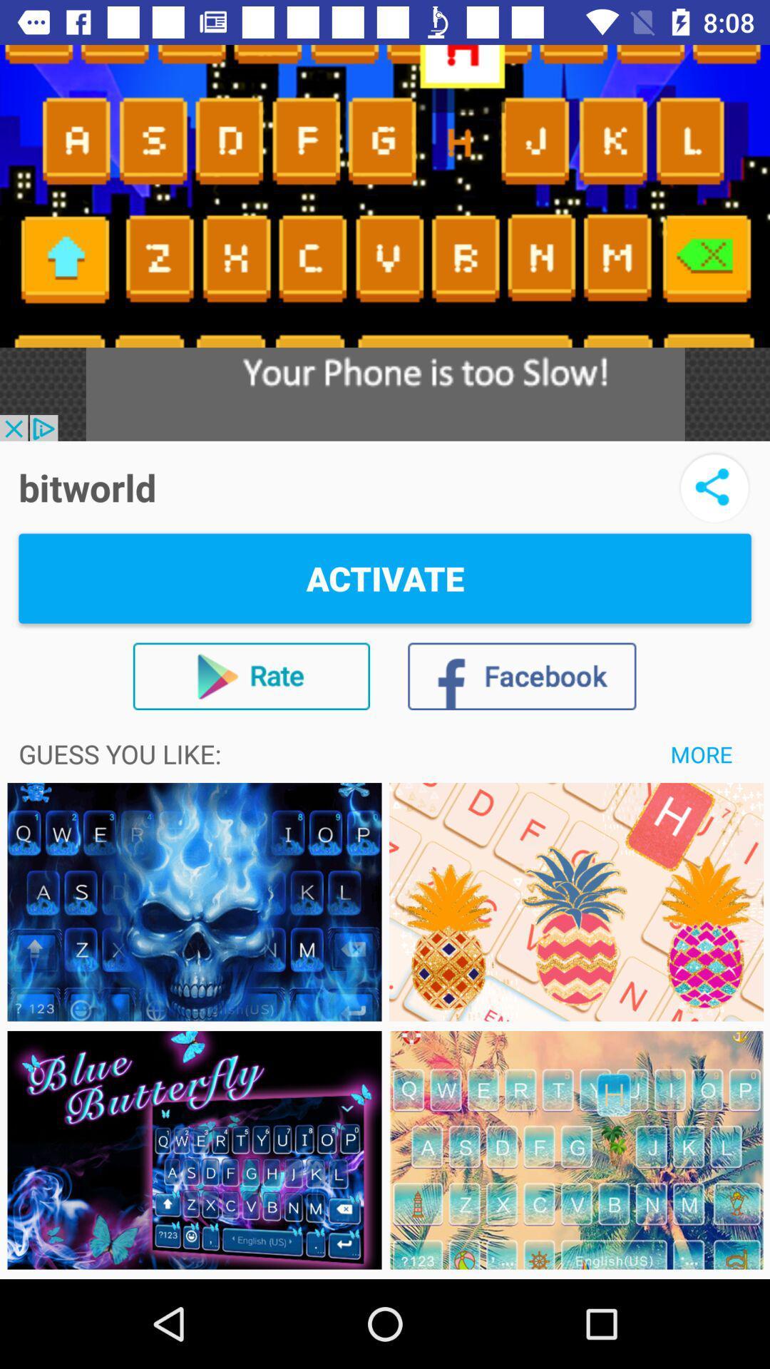 This screenshot has height=1369, width=770. Describe the element at coordinates (385, 578) in the screenshot. I see `the activate` at that location.